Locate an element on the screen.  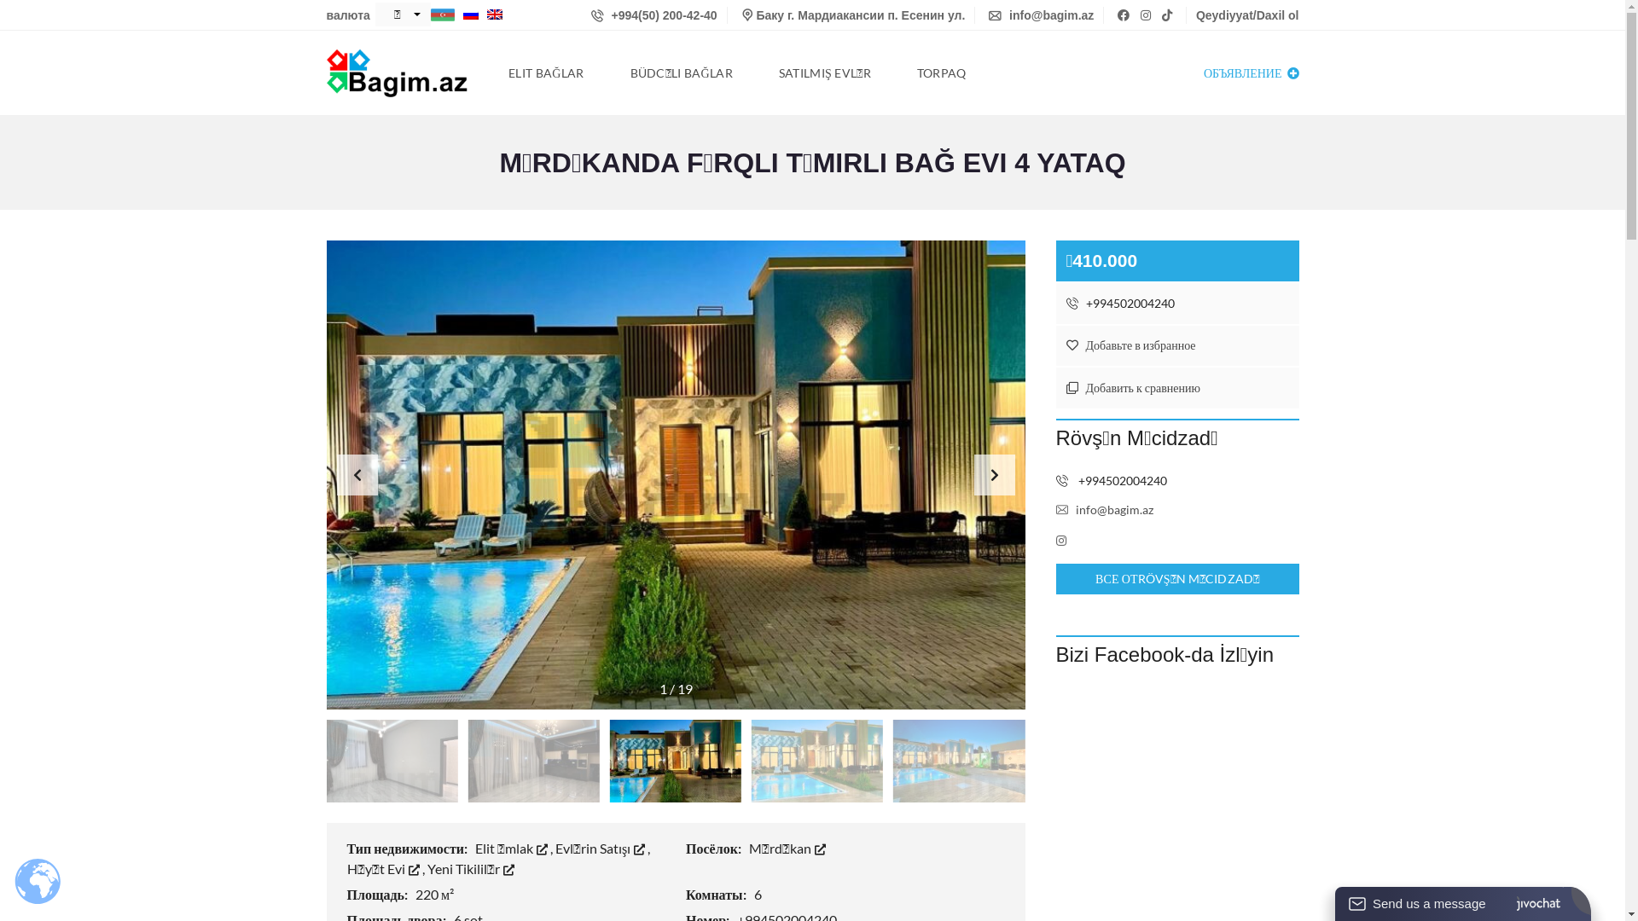
'+994(50) 200-42-40' is located at coordinates (590, 15).